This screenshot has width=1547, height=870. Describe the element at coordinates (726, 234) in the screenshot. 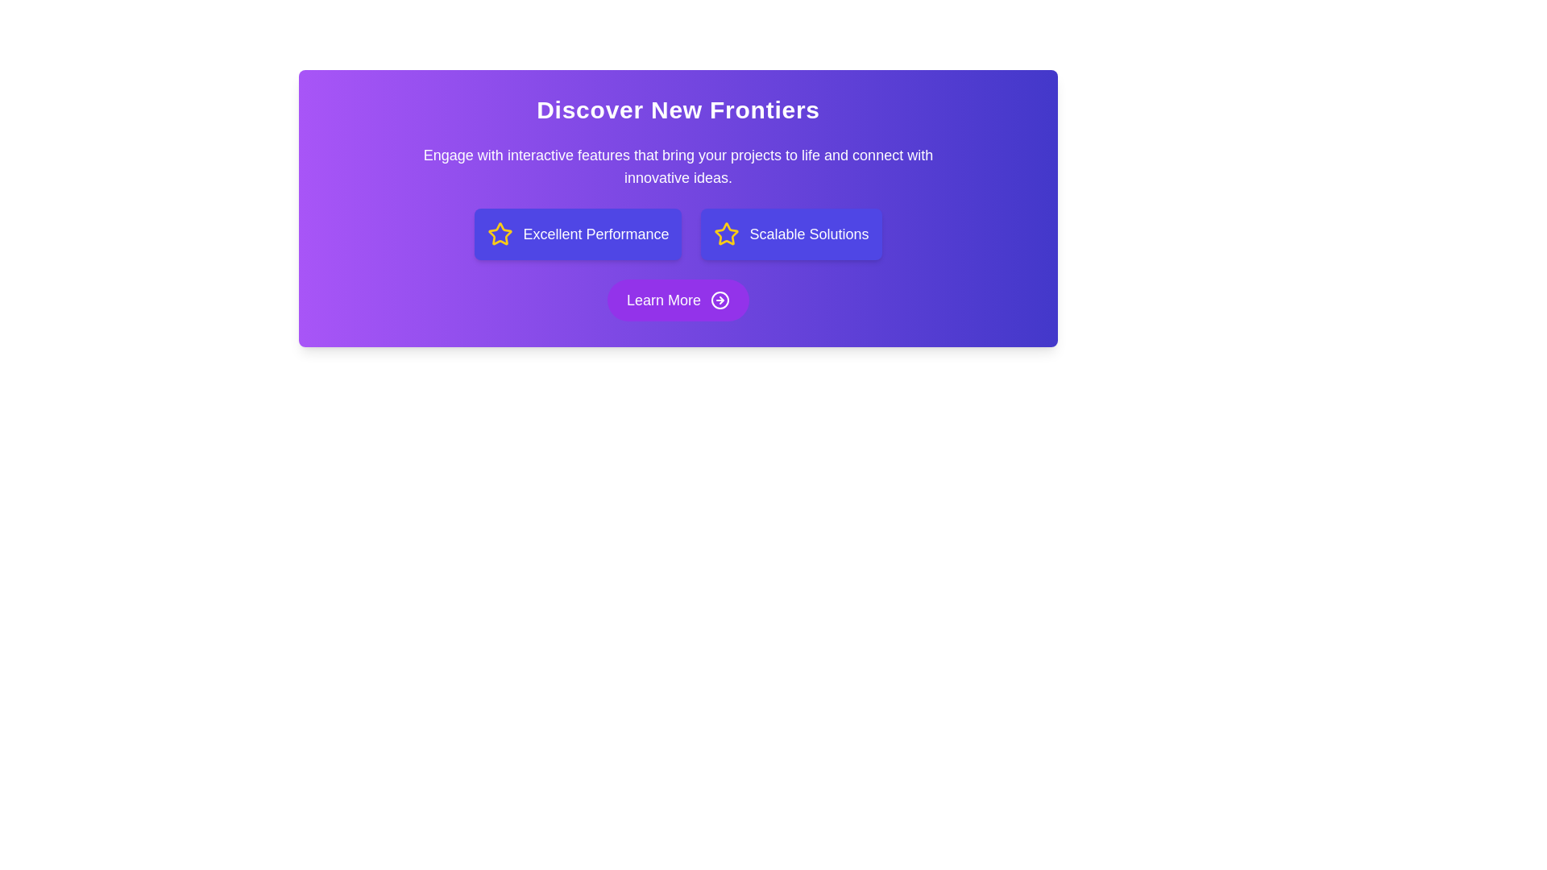

I see `the second star-shaped icon outlined in bold yellow with a blue interior, located under the 'Discover New Frontiers' heading, to the left of 'Scalable Solutions'` at that location.